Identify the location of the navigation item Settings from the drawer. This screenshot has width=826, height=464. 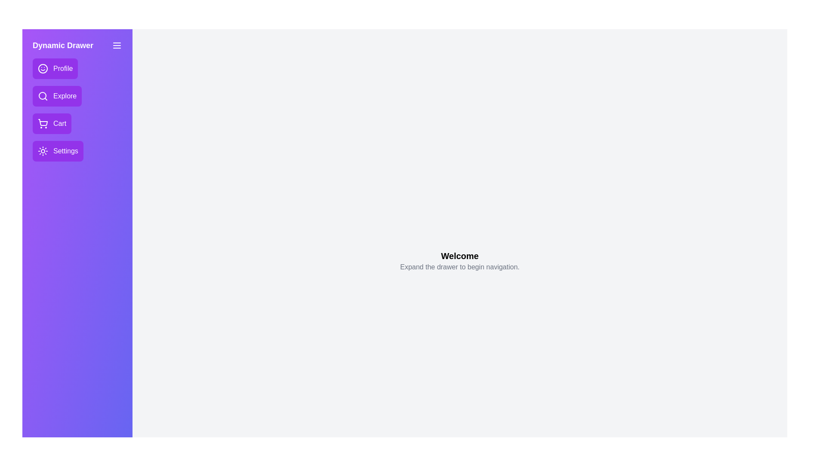
(57, 150).